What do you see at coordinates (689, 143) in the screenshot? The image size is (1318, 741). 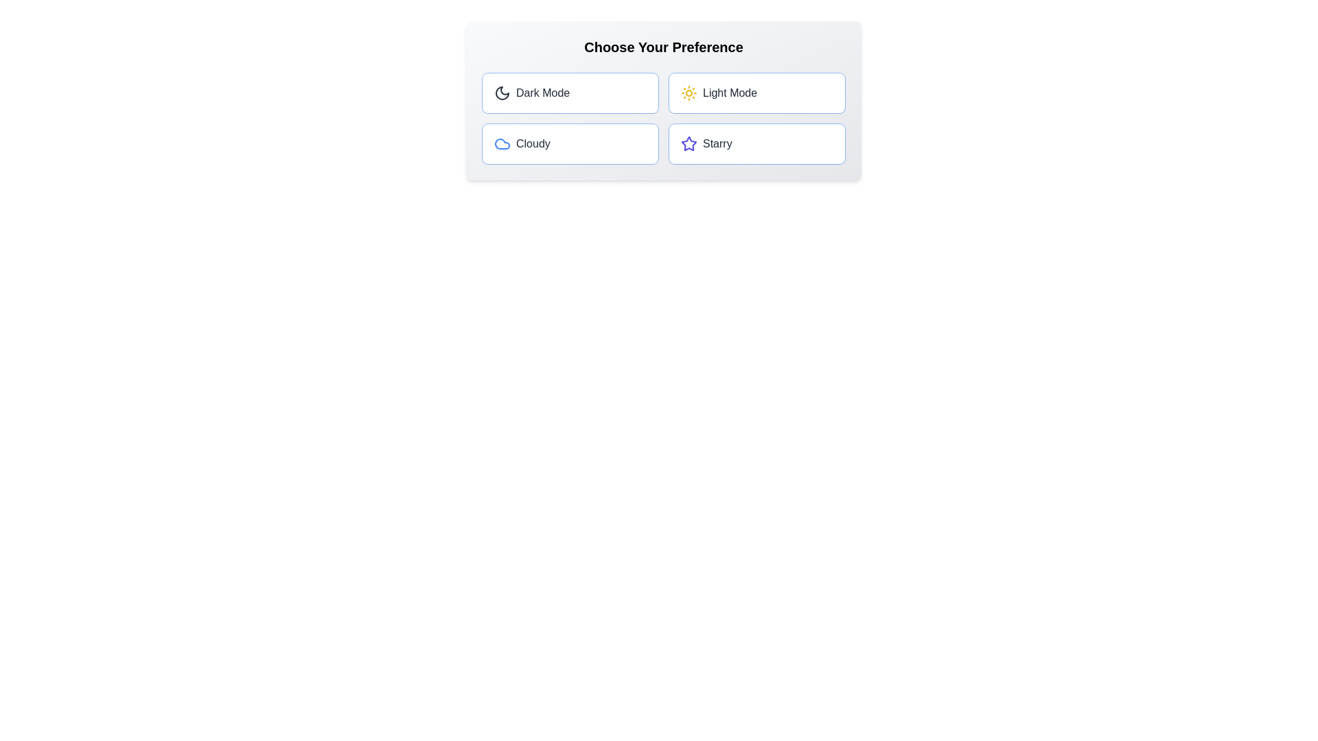 I see `the blue star-shaped icon located in the lower-right quadrant of the 'Choose Your Preference' grid, directly associated with the 'Starry' option` at bounding box center [689, 143].